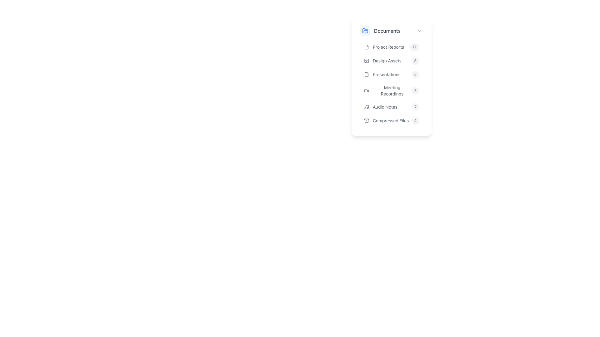 The height and width of the screenshot is (337, 600). Describe the element at coordinates (365, 31) in the screenshot. I see `the open folder icon with a blue outline located in the upper-left corner of the 'Documents' panel` at that location.